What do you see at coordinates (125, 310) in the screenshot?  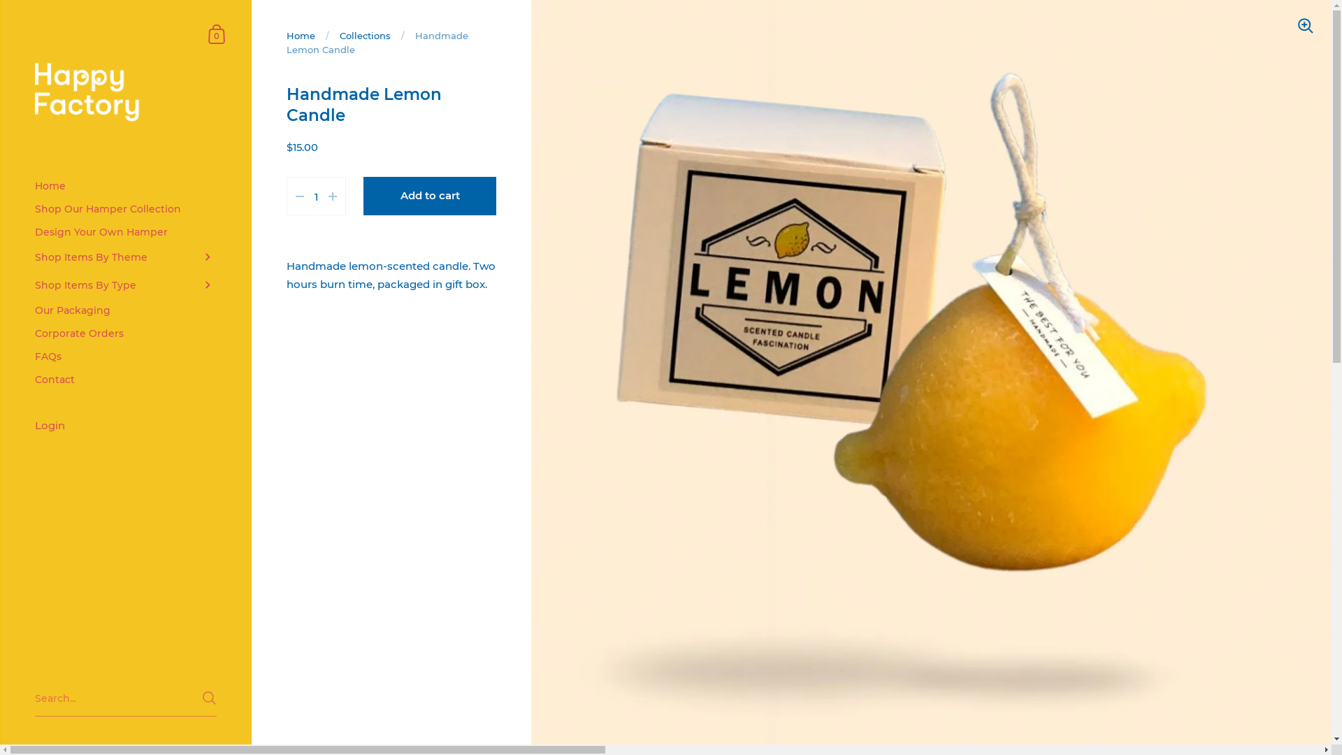 I see `'Our Packaging'` at bounding box center [125, 310].